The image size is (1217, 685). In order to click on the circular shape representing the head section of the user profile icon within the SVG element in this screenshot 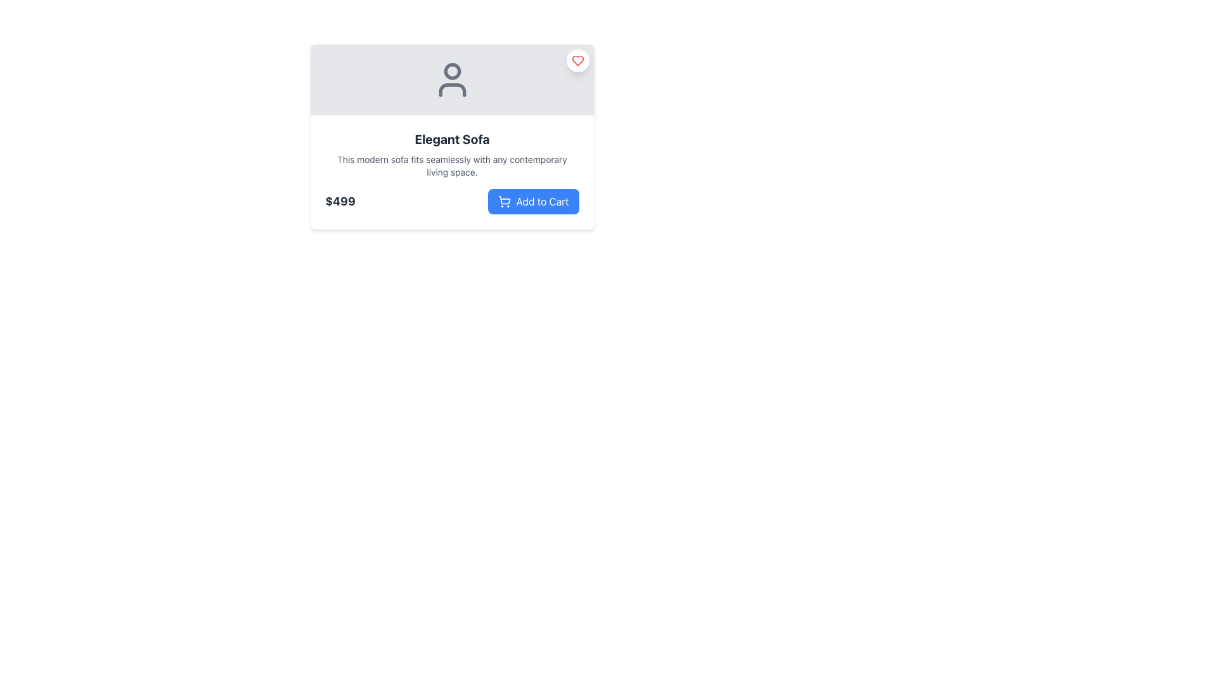, I will do `click(452, 71)`.